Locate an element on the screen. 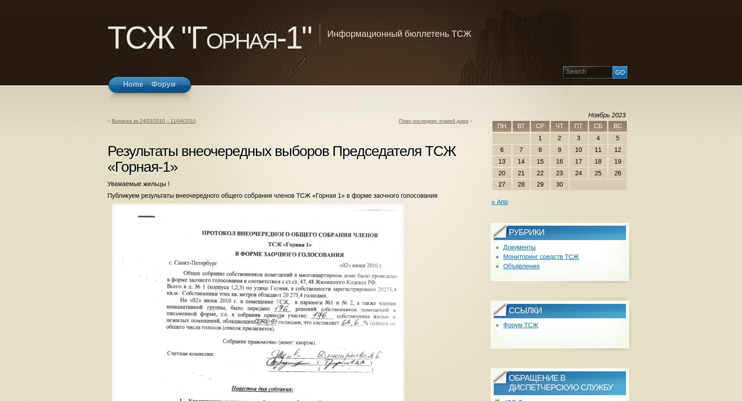  'Публикуем результаты внеочередного общего собрания членов ТСЖ «Горная 1» в форме заочного голосования' is located at coordinates (272, 195).